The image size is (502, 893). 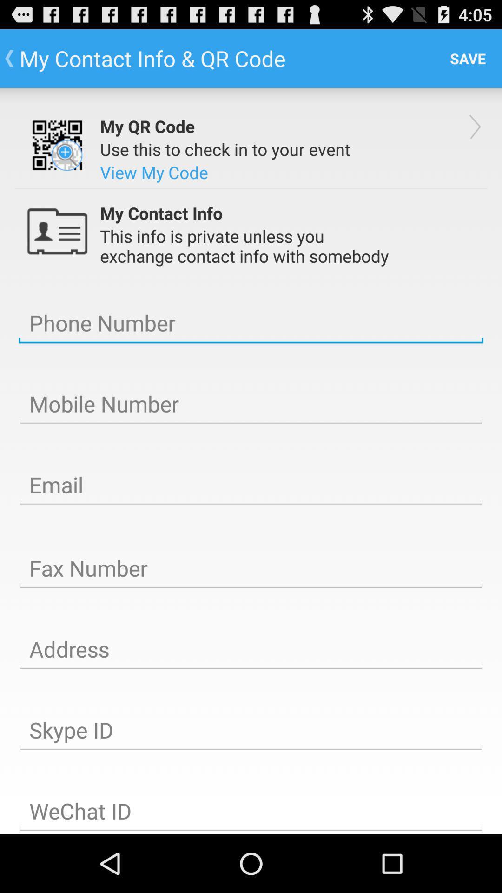 What do you see at coordinates (251, 323) in the screenshot?
I see `your phone number` at bounding box center [251, 323].